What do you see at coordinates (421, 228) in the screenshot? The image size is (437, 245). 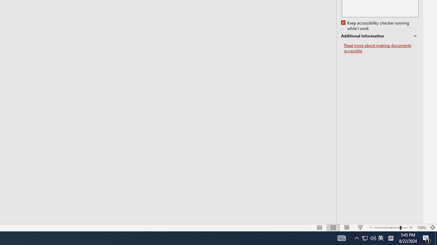 I see `'Zoom 158%'` at bounding box center [421, 228].